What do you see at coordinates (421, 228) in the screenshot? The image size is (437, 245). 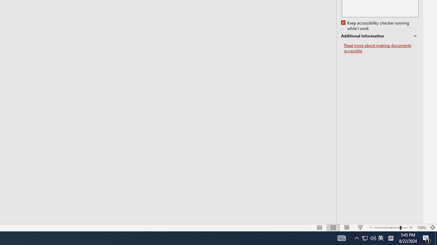 I see `'Zoom 158%'` at bounding box center [421, 228].